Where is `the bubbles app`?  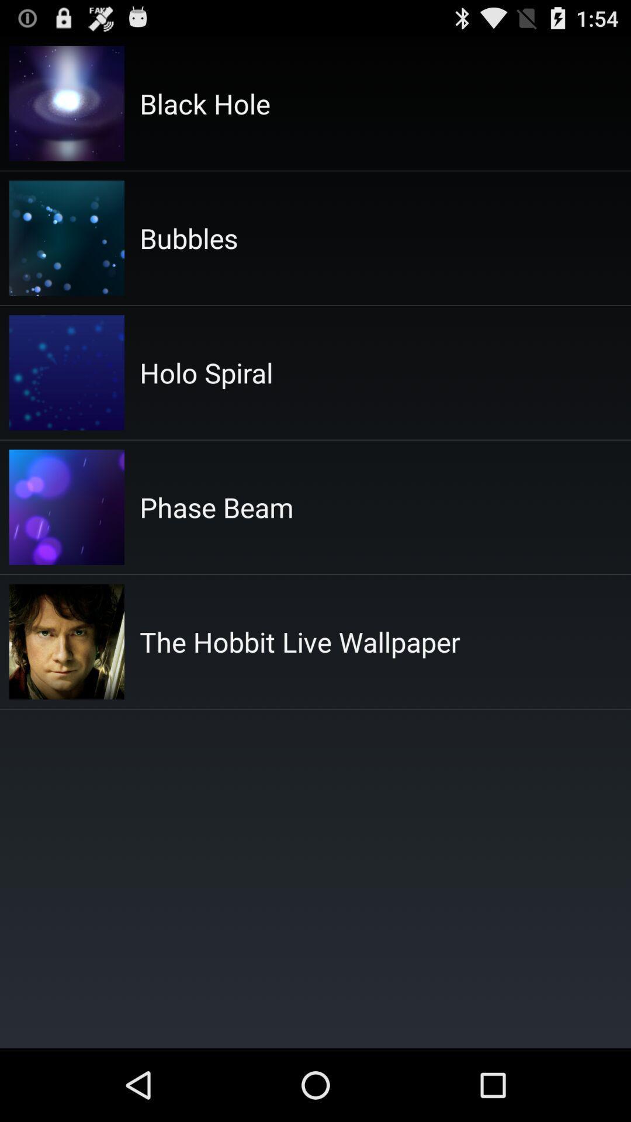 the bubbles app is located at coordinates (188, 237).